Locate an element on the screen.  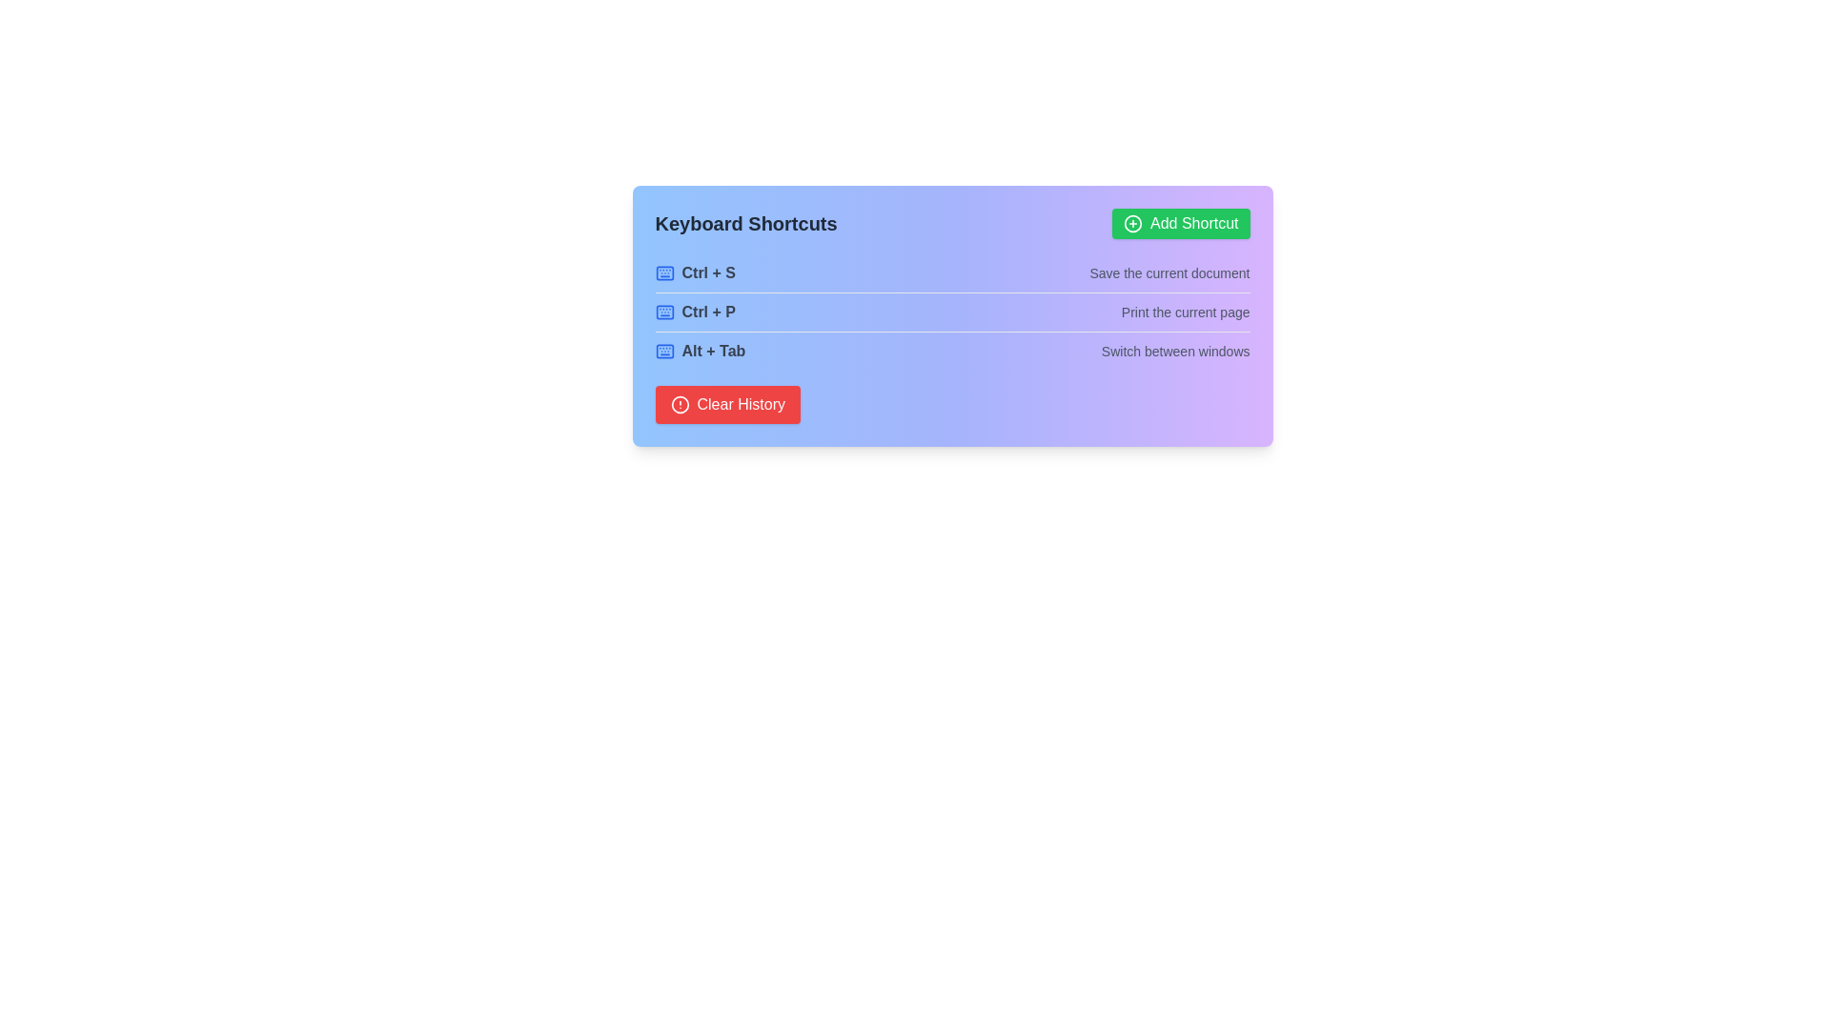
the label displaying the keyboard shortcut 'Ctrl + S', which is the first item in the list of keyboard shortcuts under the 'Keyboard Shortcuts' heading is located at coordinates (707, 272).